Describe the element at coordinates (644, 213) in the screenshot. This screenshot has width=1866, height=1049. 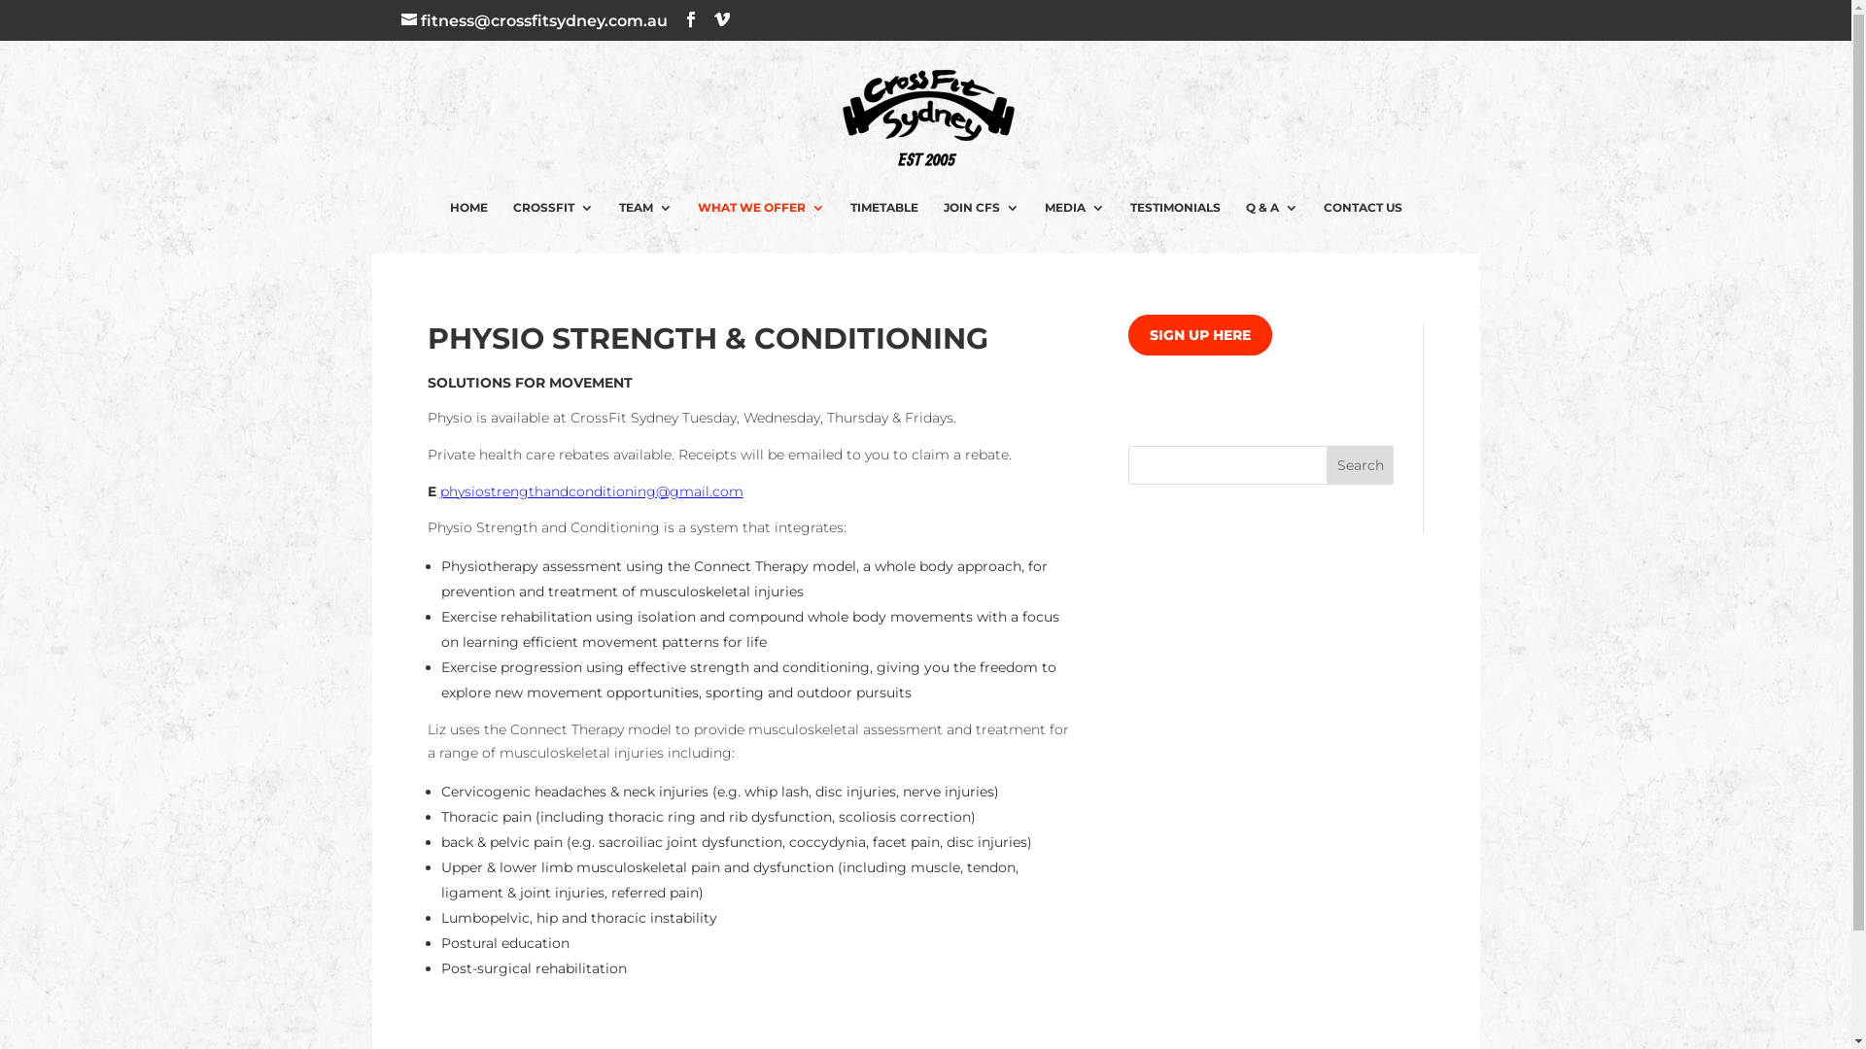
I see `'TEAM'` at that location.